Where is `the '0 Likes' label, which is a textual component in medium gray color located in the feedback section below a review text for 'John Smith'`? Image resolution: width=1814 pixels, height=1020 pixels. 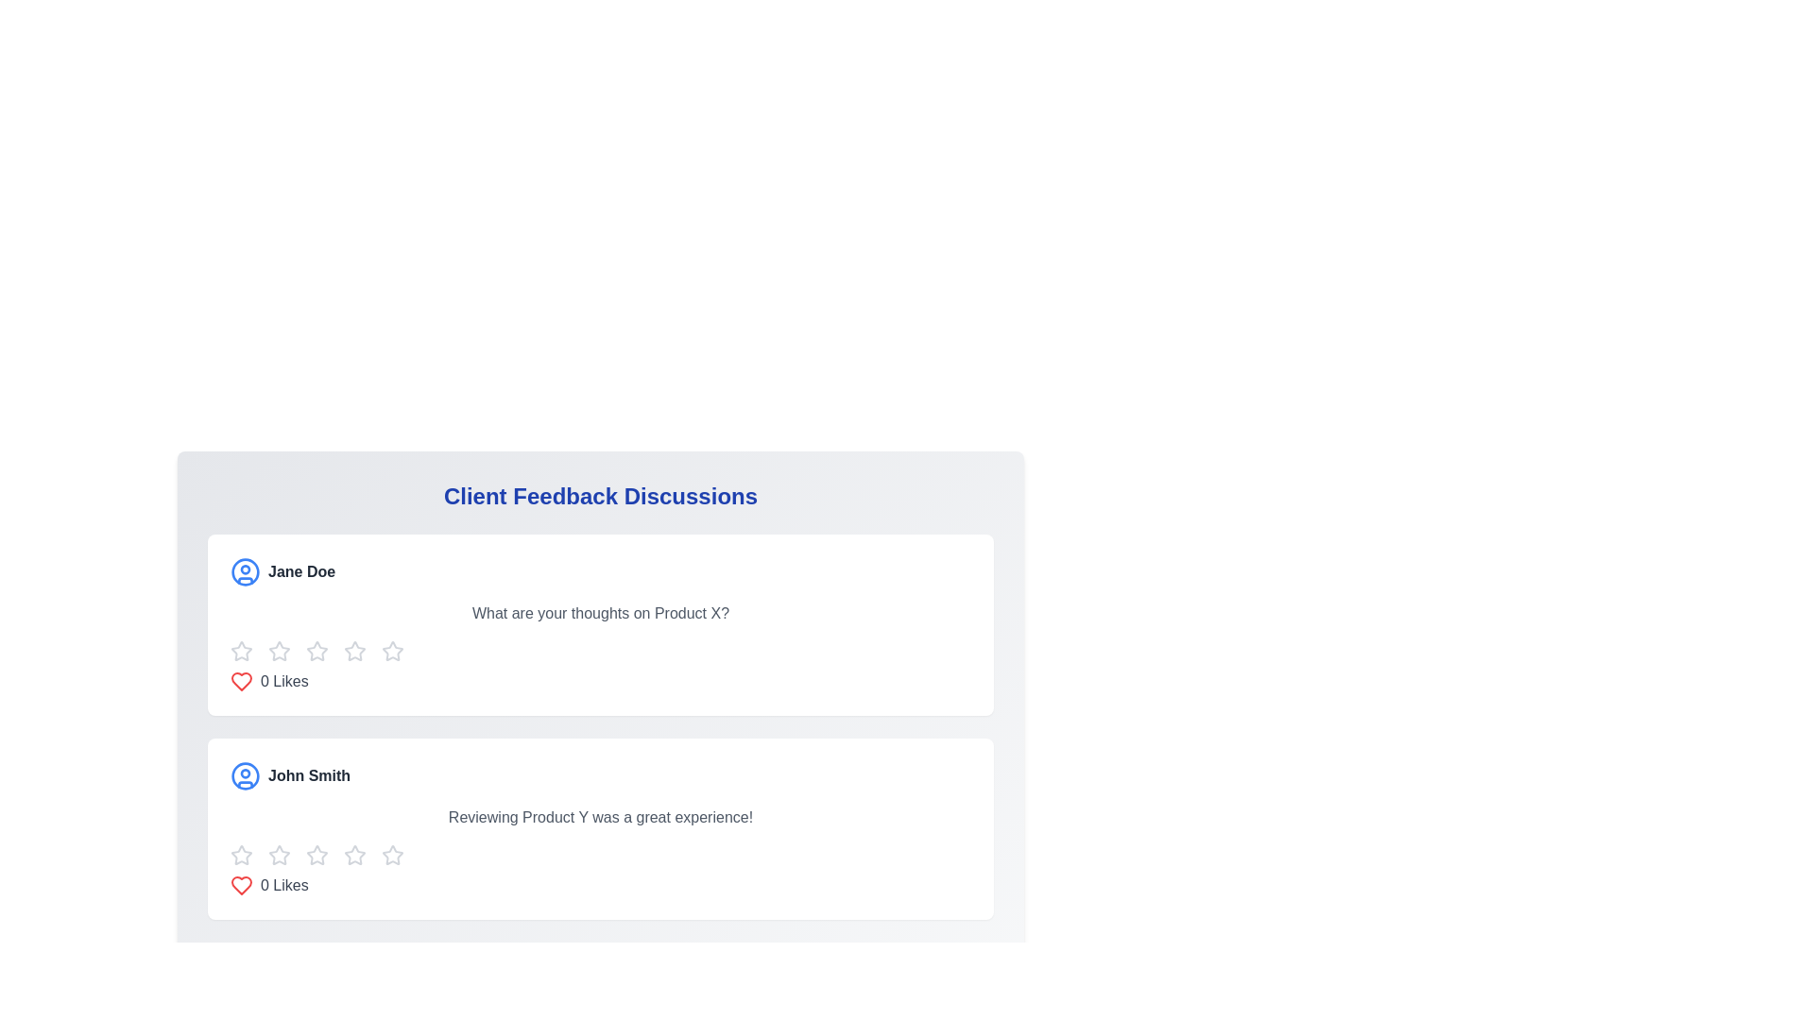
the '0 Likes' label, which is a textual component in medium gray color located in the feedback section below a review text for 'John Smith' is located at coordinates (283, 885).